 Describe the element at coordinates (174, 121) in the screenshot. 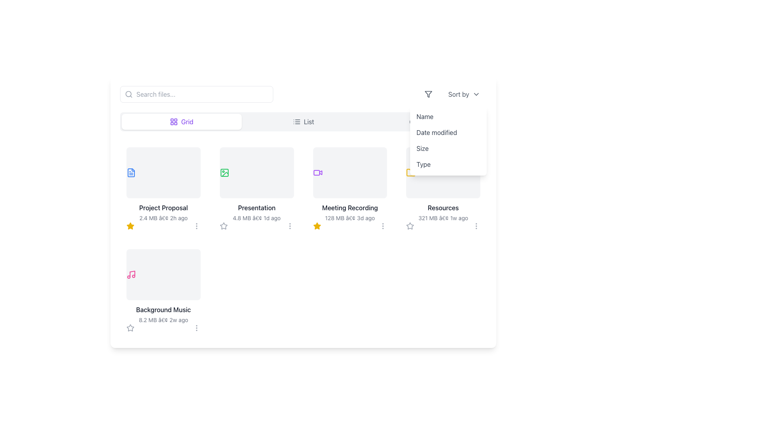

I see `the 'Grid' button which contains an SVG-based graphic icon of four small squares in a 2x2 grid layout to switch to the grid layout` at that location.